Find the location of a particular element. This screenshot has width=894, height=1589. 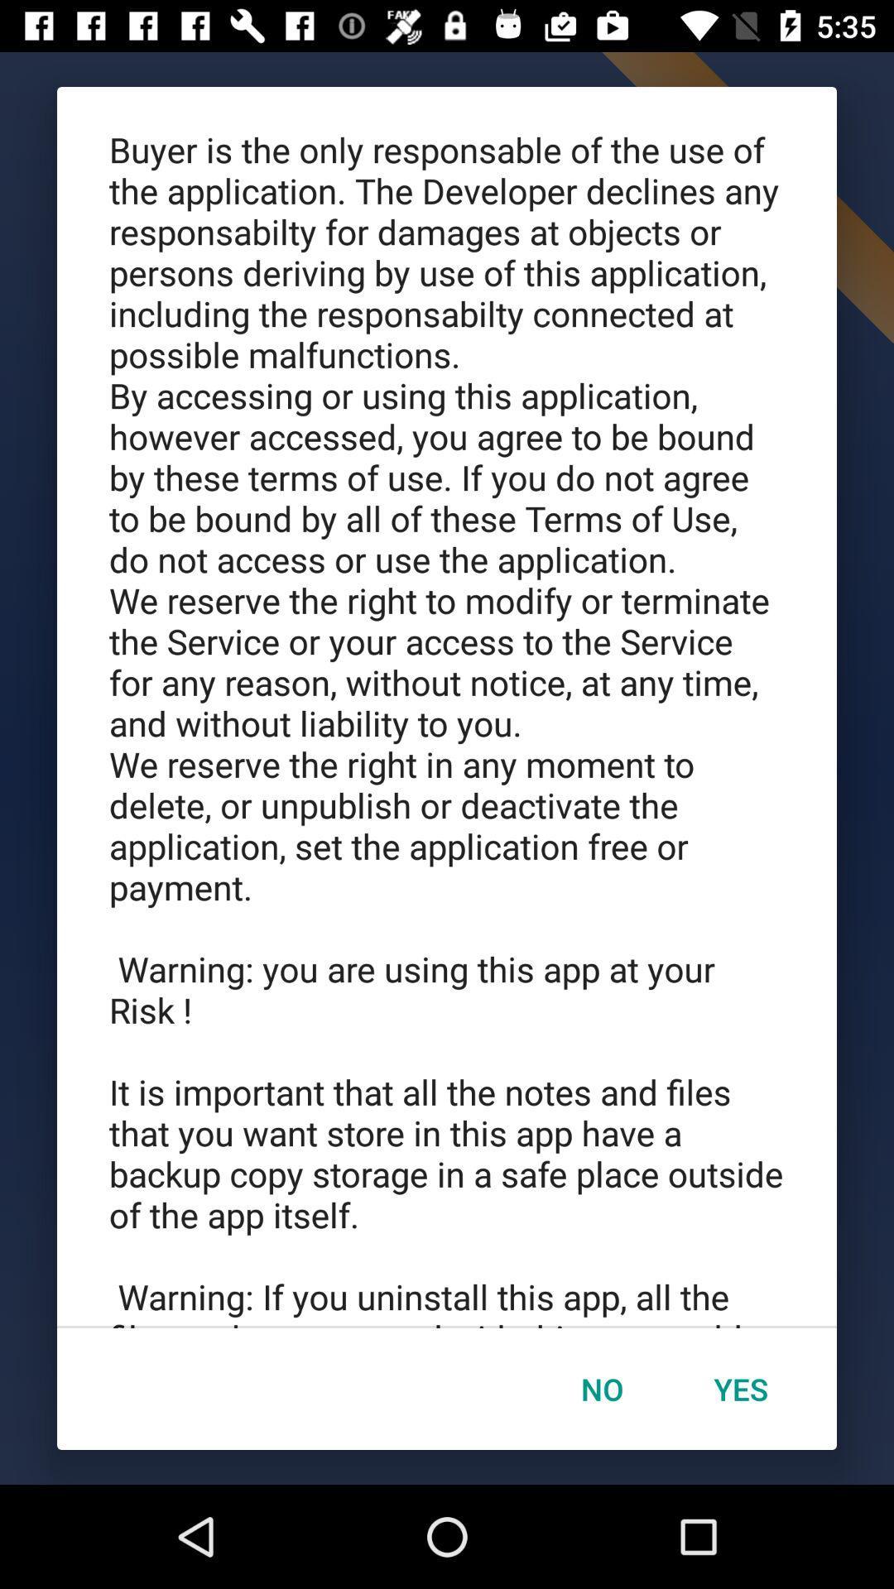

the yes item is located at coordinates (740, 1389).